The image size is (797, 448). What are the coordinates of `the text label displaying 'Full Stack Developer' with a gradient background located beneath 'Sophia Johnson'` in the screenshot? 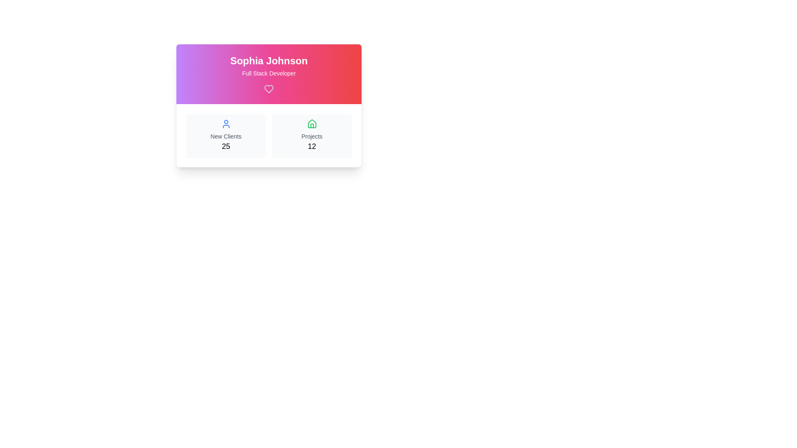 It's located at (269, 73).